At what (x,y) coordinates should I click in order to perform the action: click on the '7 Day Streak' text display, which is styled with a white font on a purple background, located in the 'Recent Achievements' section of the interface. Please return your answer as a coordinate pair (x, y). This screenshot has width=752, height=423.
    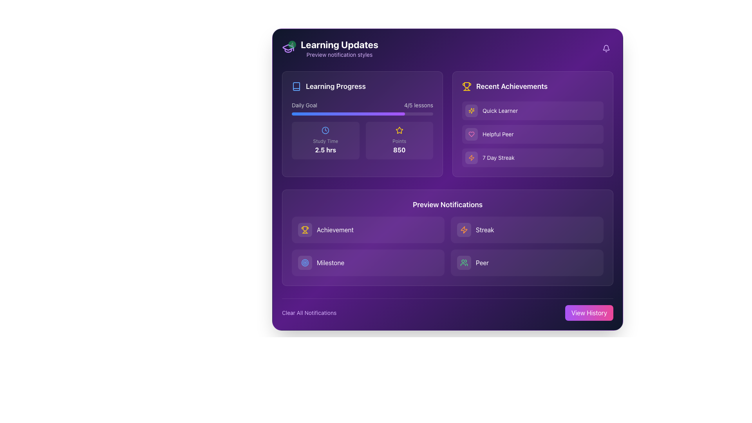
    Looking at the image, I should click on (498, 157).